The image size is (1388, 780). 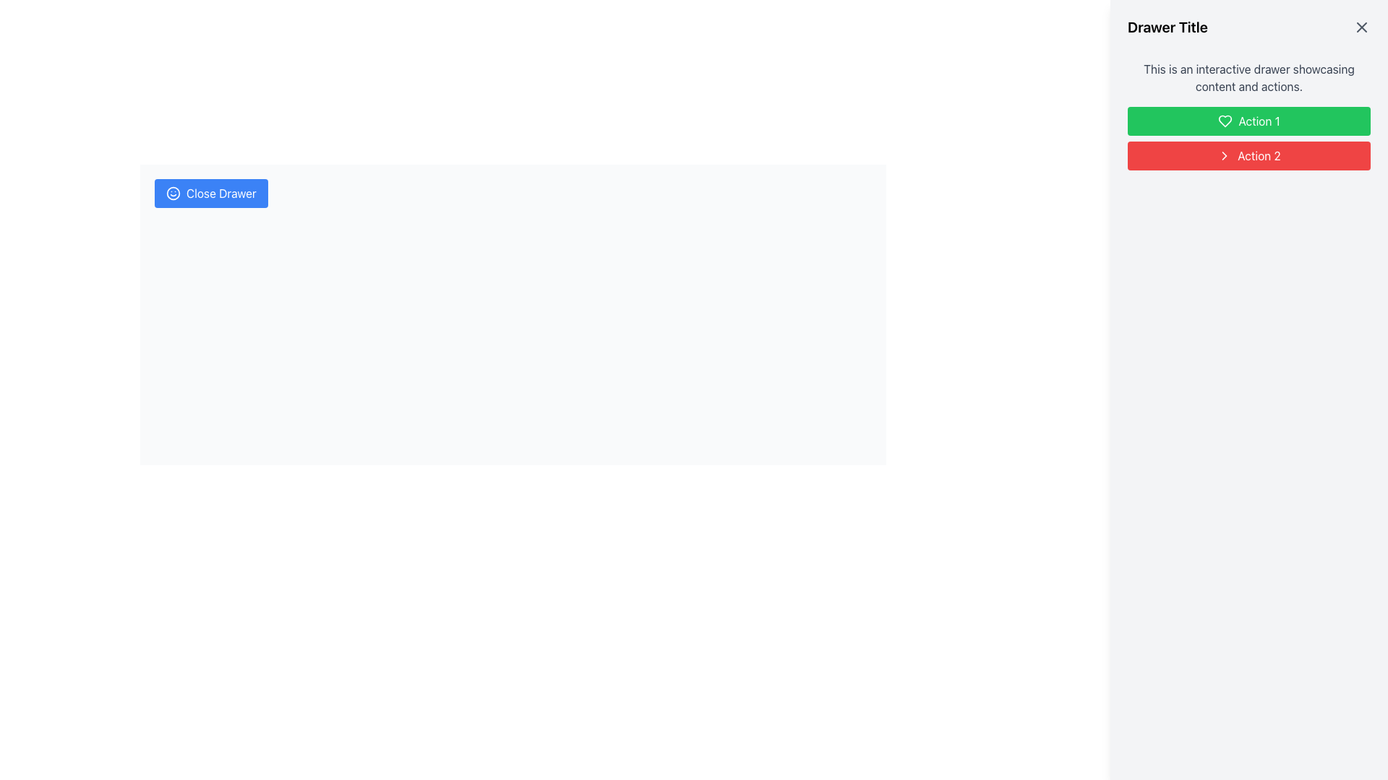 I want to click on the red button labeled 'Action 2' with a rightward chevron icon, so click(x=1248, y=156).